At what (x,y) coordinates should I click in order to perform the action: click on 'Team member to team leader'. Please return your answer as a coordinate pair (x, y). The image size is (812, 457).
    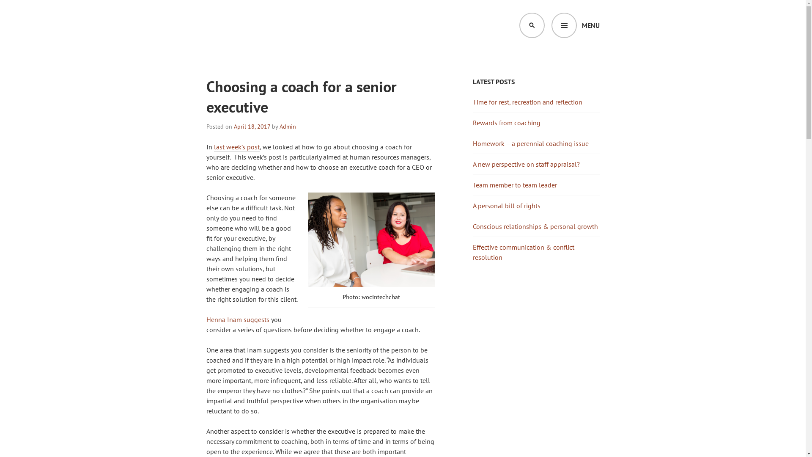
    Looking at the image, I should click on (514, 184).